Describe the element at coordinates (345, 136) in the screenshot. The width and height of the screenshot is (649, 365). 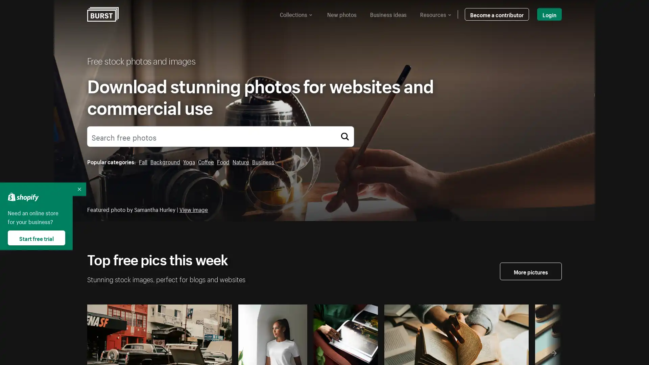
I see `Search` at that location.